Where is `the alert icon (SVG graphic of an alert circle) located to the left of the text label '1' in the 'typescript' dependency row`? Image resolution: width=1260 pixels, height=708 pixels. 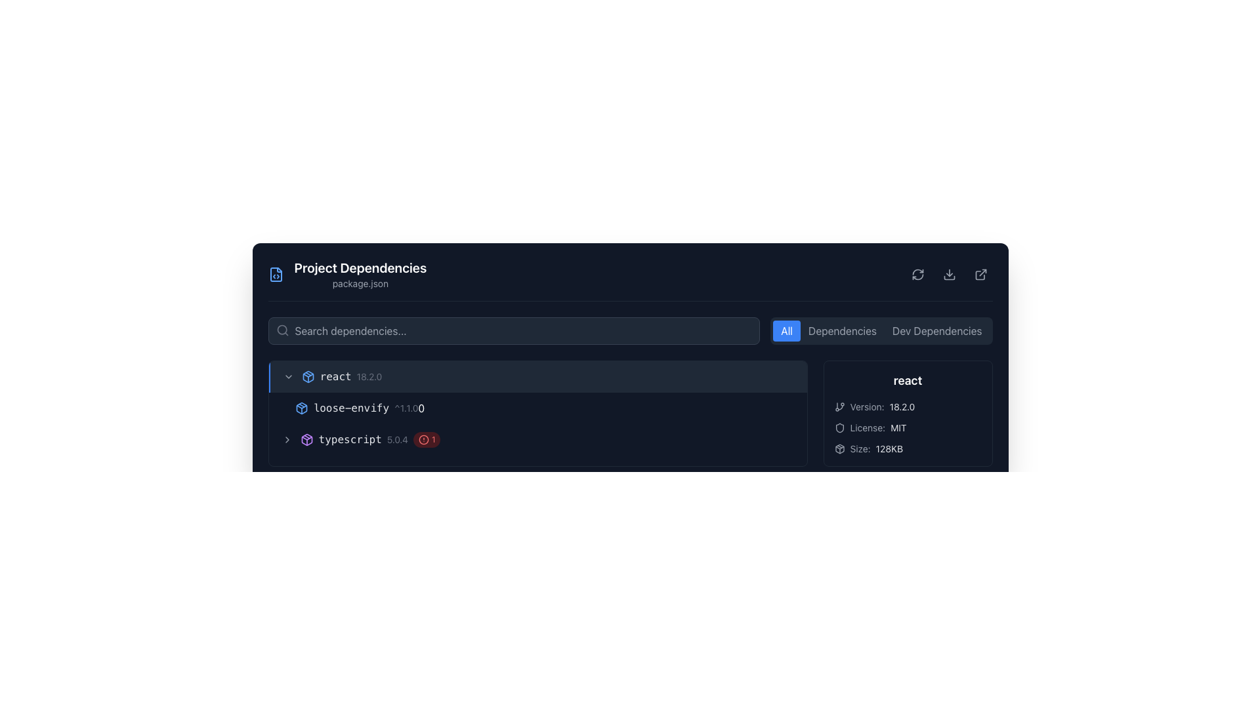 the alert icon (SVG graphic of an alert circle) located to the left of the text label '1' in the 'typescript' dependency row is located at coordinates (423, 440).